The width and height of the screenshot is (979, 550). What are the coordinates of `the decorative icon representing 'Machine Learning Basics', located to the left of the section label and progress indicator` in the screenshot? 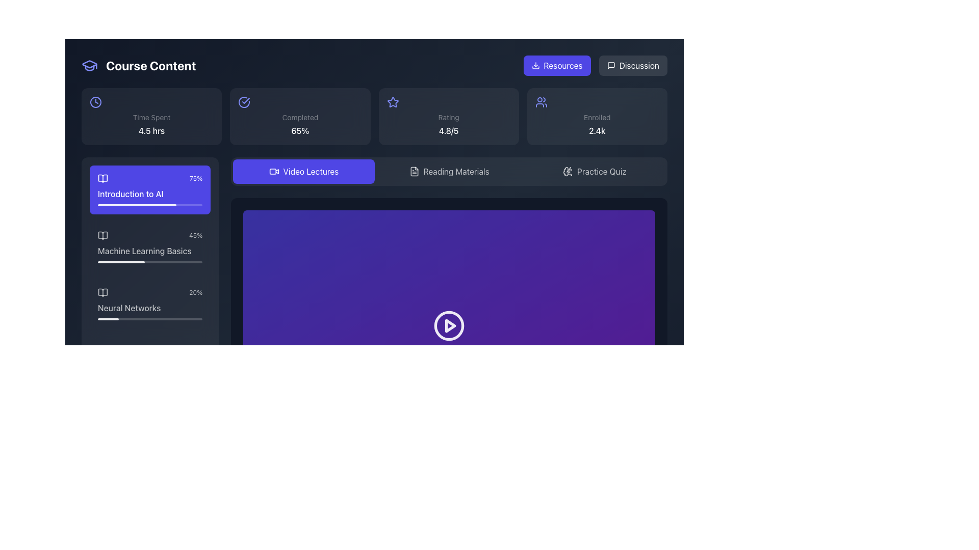 It's located at (102, 235).